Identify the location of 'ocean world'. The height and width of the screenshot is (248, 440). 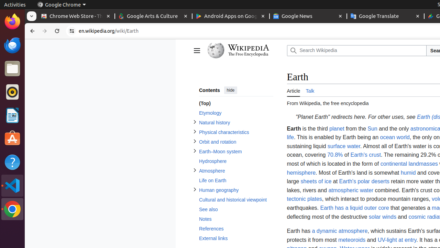
(395, 137).